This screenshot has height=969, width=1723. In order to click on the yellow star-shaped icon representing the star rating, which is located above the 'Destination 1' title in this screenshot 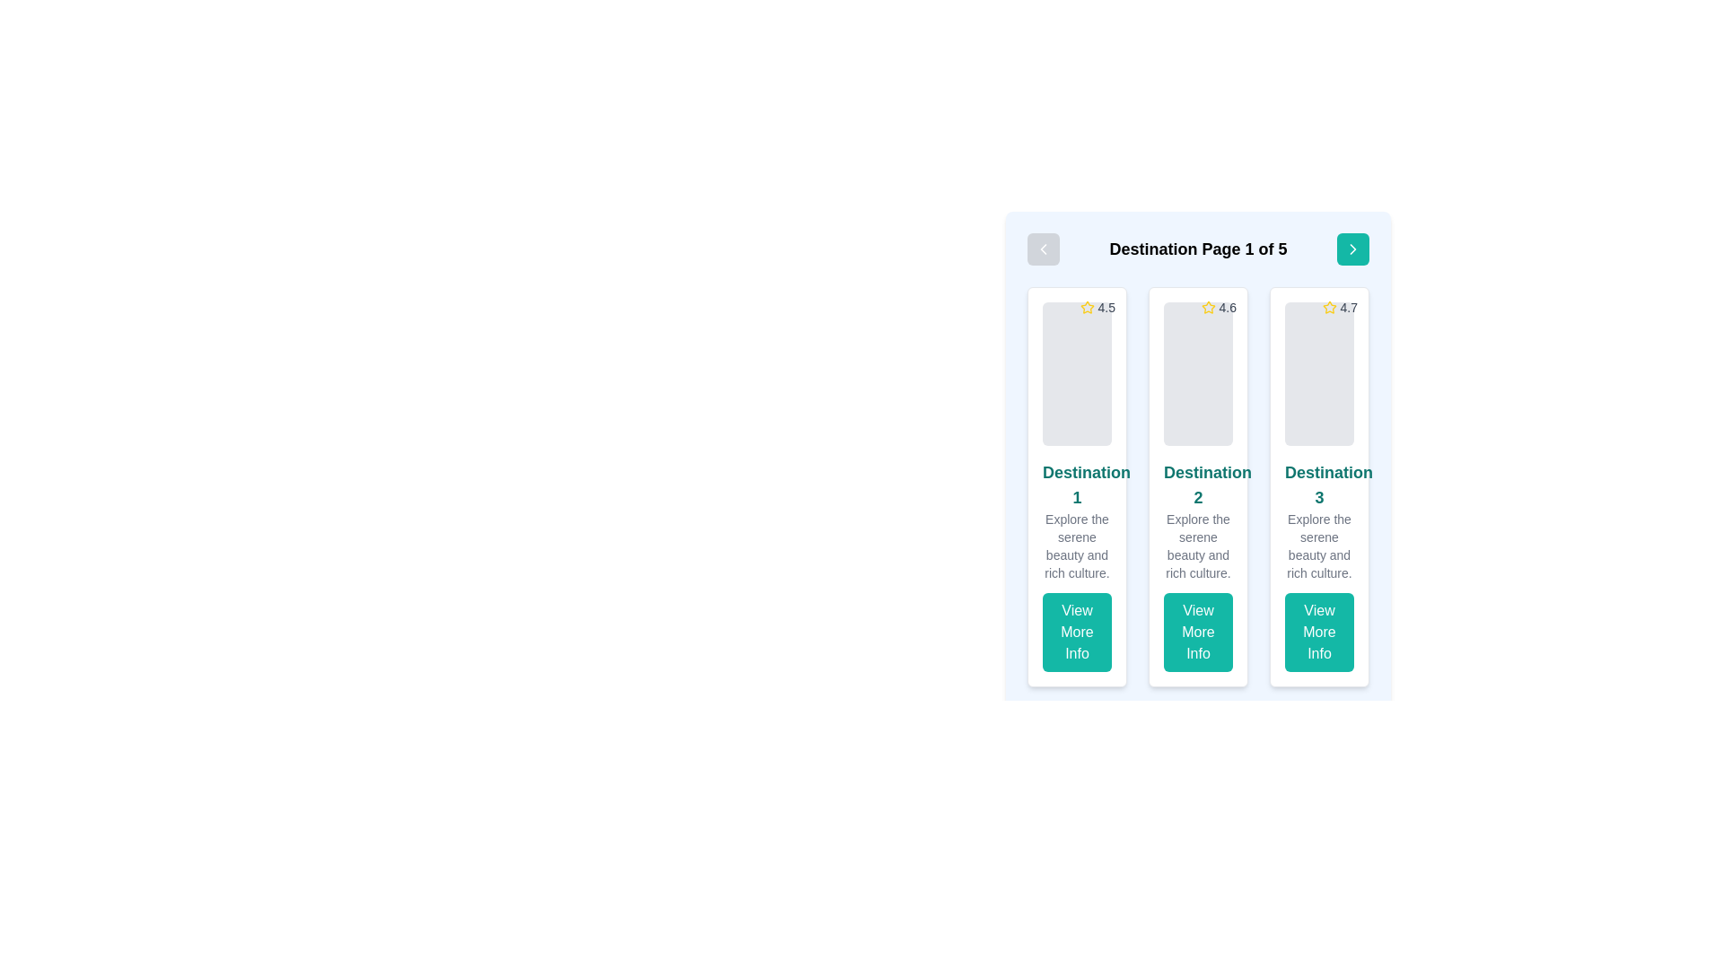, I will do `click(1086, 306)`.